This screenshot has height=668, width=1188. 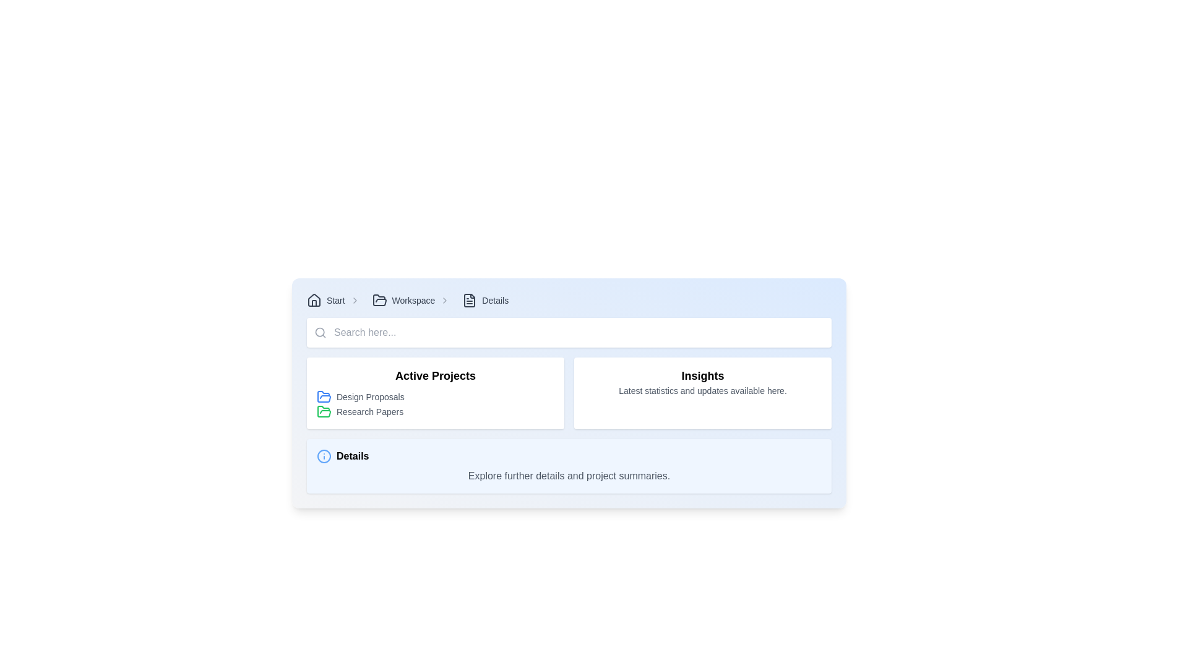 What do you see at coordinates (324, 411) in the screenshot?
I see `the Icon located in the 'Active Projects' section next to the 'Design Proposals' label as a visual aid` at bounding box center [324, 411].